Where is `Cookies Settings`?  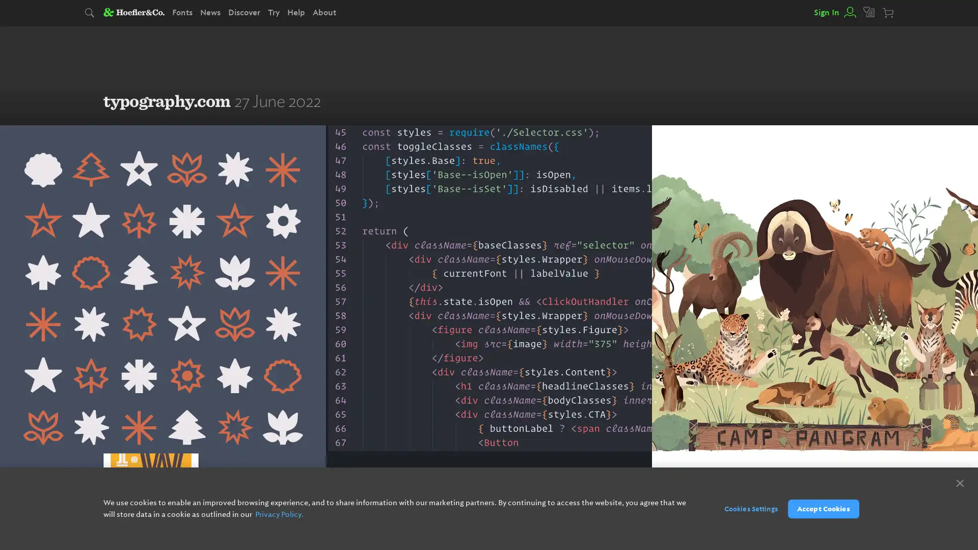
Cookies Settings is located at coordinates (745, 508).